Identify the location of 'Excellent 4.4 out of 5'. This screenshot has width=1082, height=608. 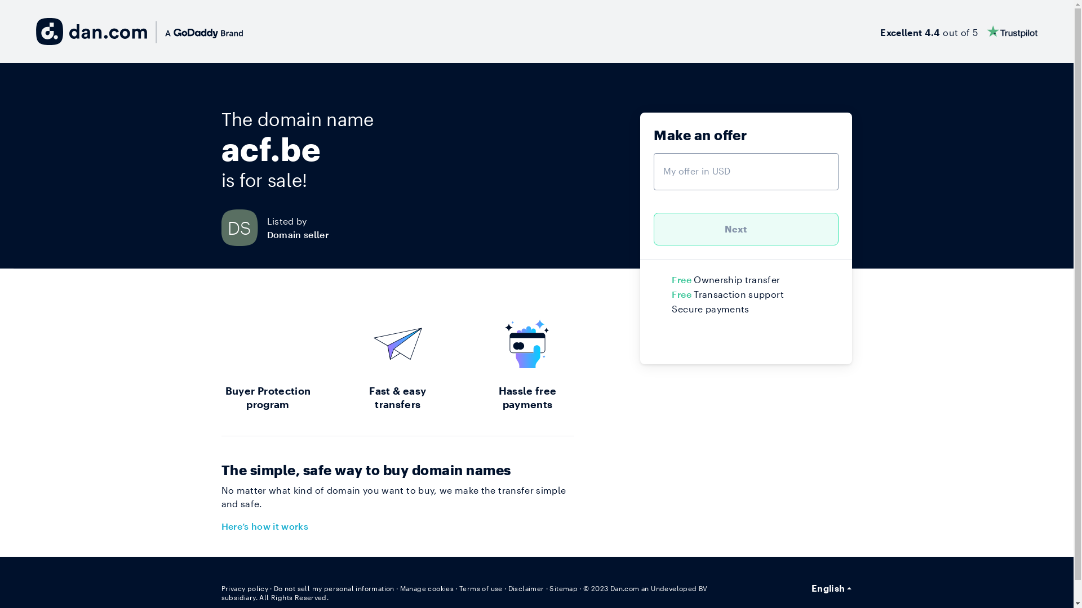
(958, 31).